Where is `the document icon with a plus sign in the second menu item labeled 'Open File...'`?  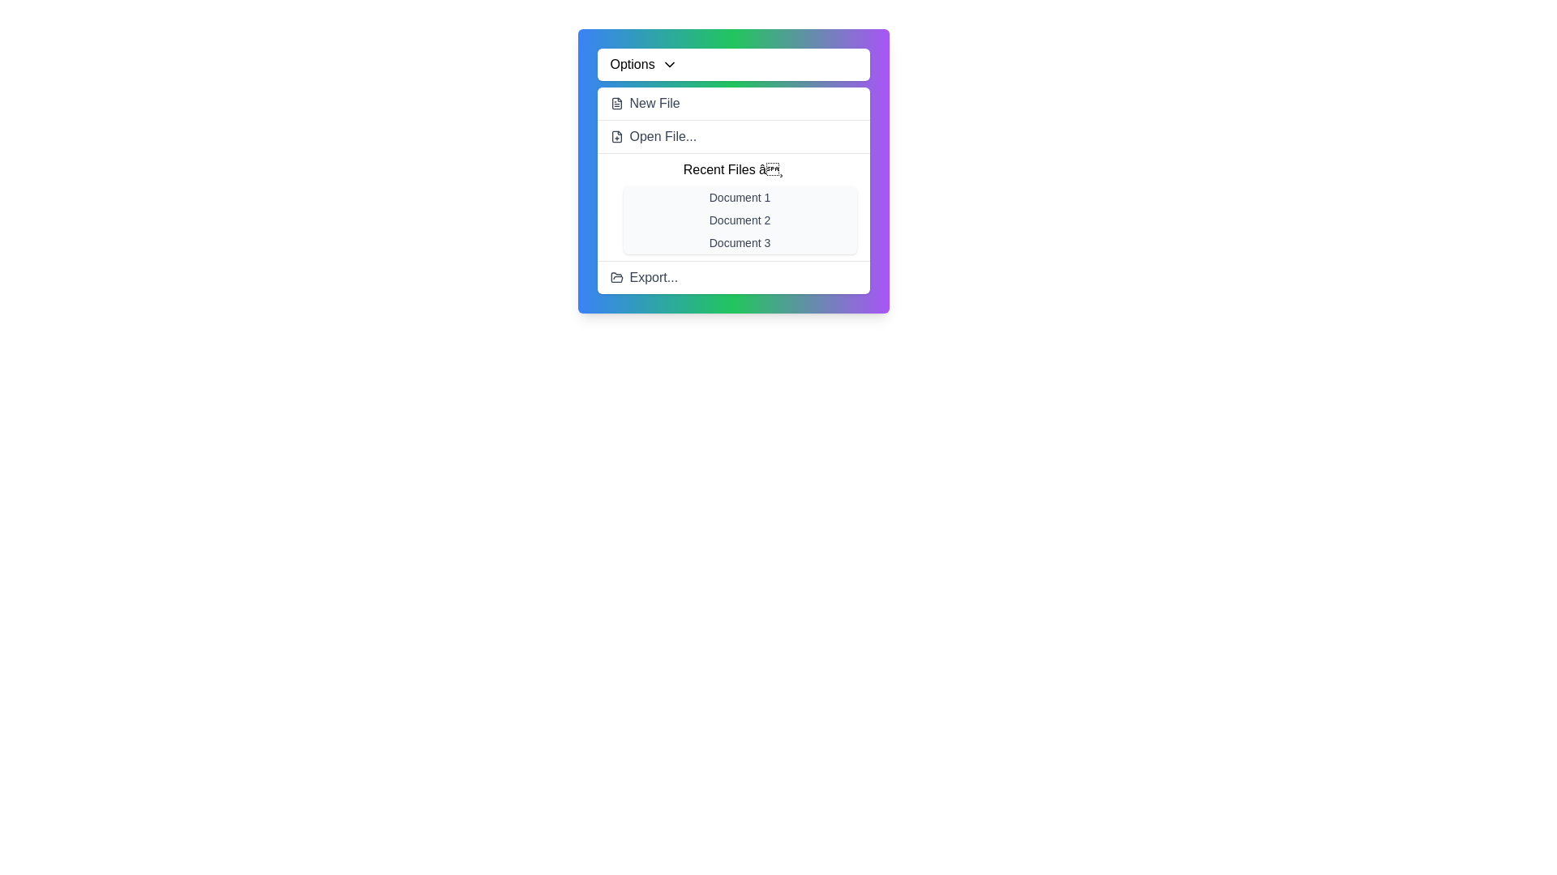 the document icon with a plus sign in the second menu item labeled 'Open File...' is located at coordinates (616, 136).